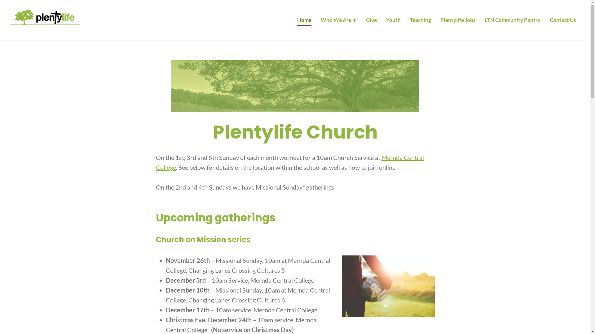 The width and height of the screenshot is (595, 334). Describe the element at coordinates (550, 21) in the screenshot. I see `'Contact Us'` at that location.